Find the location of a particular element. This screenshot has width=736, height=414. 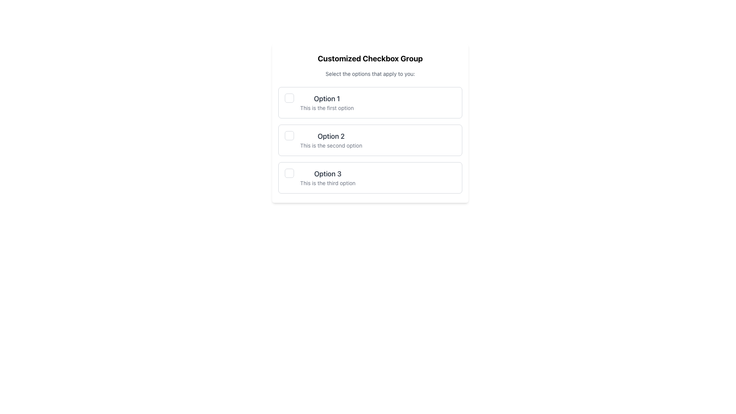

the static text label representing the title of the second option in a vertical list of choices, positioned between 'Option 1' and 'Option 3' is located at coordinates (331, 136).